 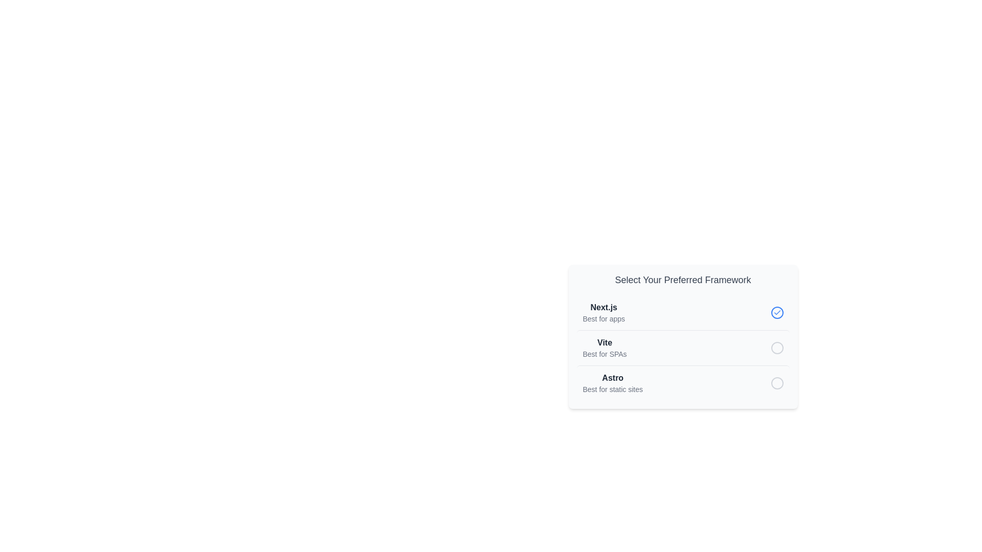 I want to click on the second item in the framework selection list that describes the Vite framework, located below the 'Next.js' item and above the 'Astro' item, so click(x=605, y=348).